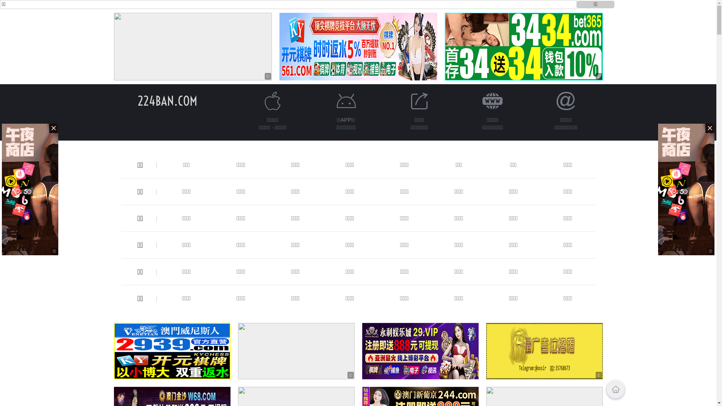  I want to click on '224BAN.COM', so click(137, 100).